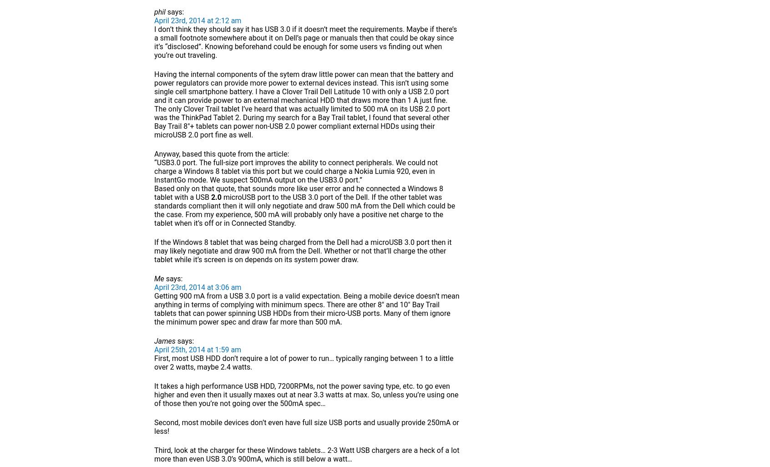  Describe the element at coordinates (154, 193) in the screenshot. I see `'Based only on that quote, that sounds more like user error and he connected a Windows 8 tablet with a USB'` at that location.